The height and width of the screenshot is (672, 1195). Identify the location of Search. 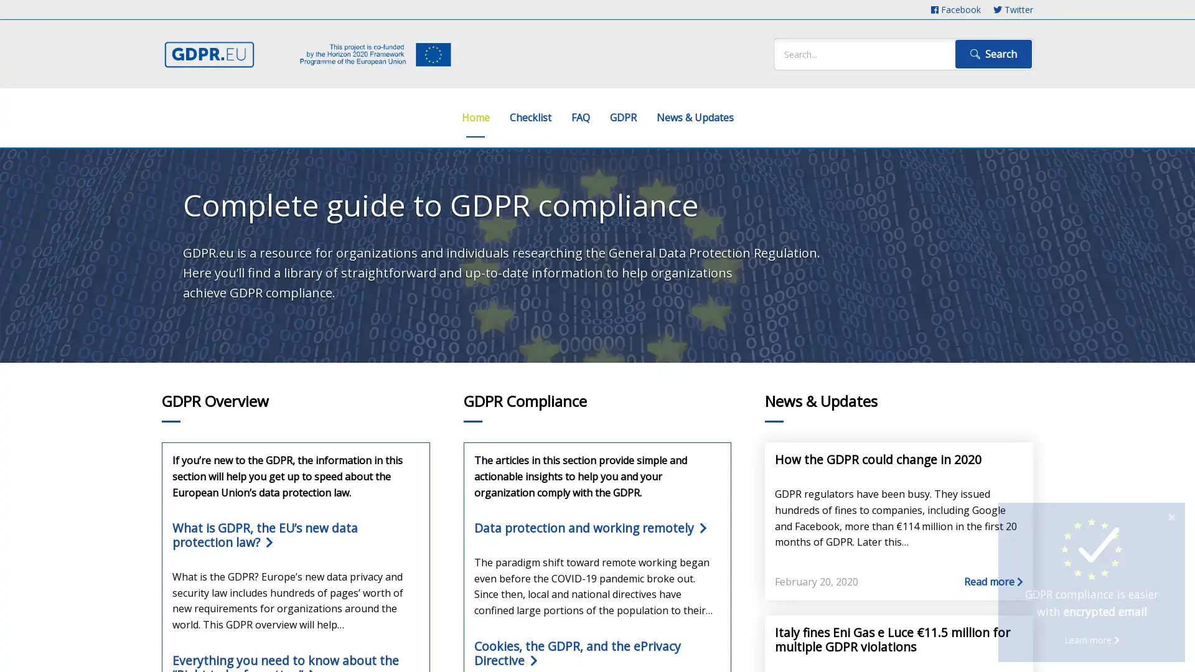
(993, 54).